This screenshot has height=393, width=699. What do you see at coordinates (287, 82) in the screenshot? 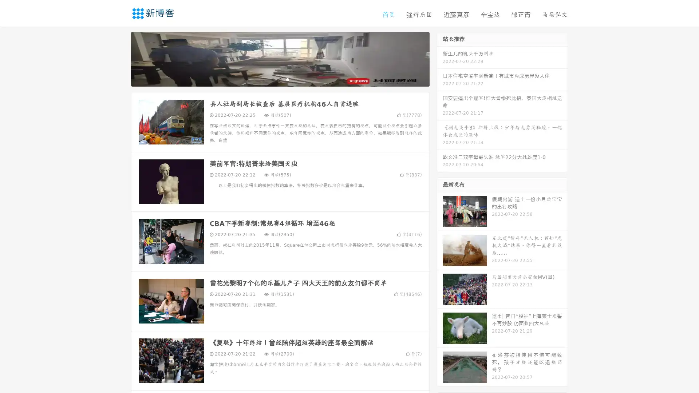
I see `Go to slide 3` at bounding box center [287, 82].